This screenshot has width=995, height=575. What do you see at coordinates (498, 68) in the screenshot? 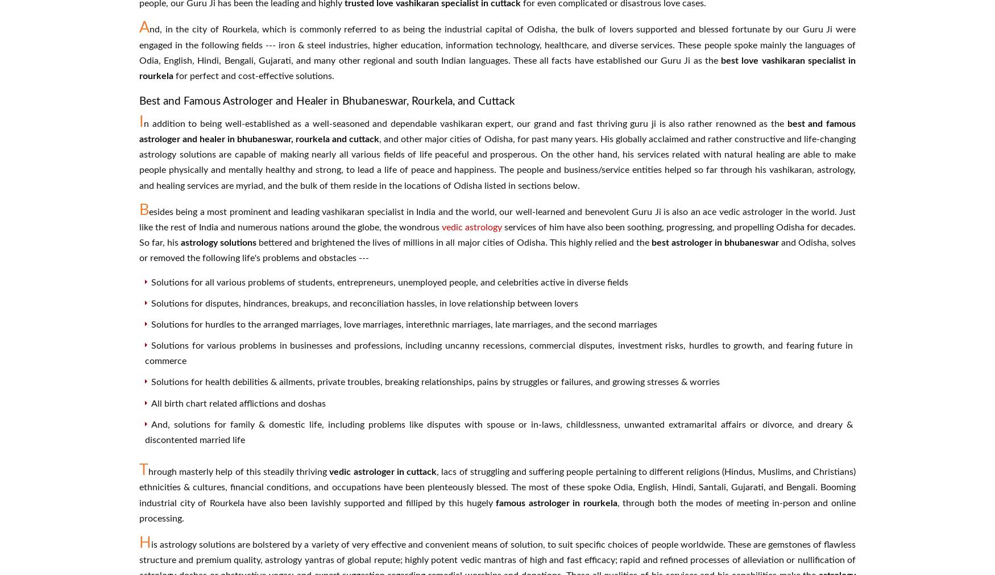
I see `'best love vashikaran specialist in rourkela'` at bounding box center [498, 68].